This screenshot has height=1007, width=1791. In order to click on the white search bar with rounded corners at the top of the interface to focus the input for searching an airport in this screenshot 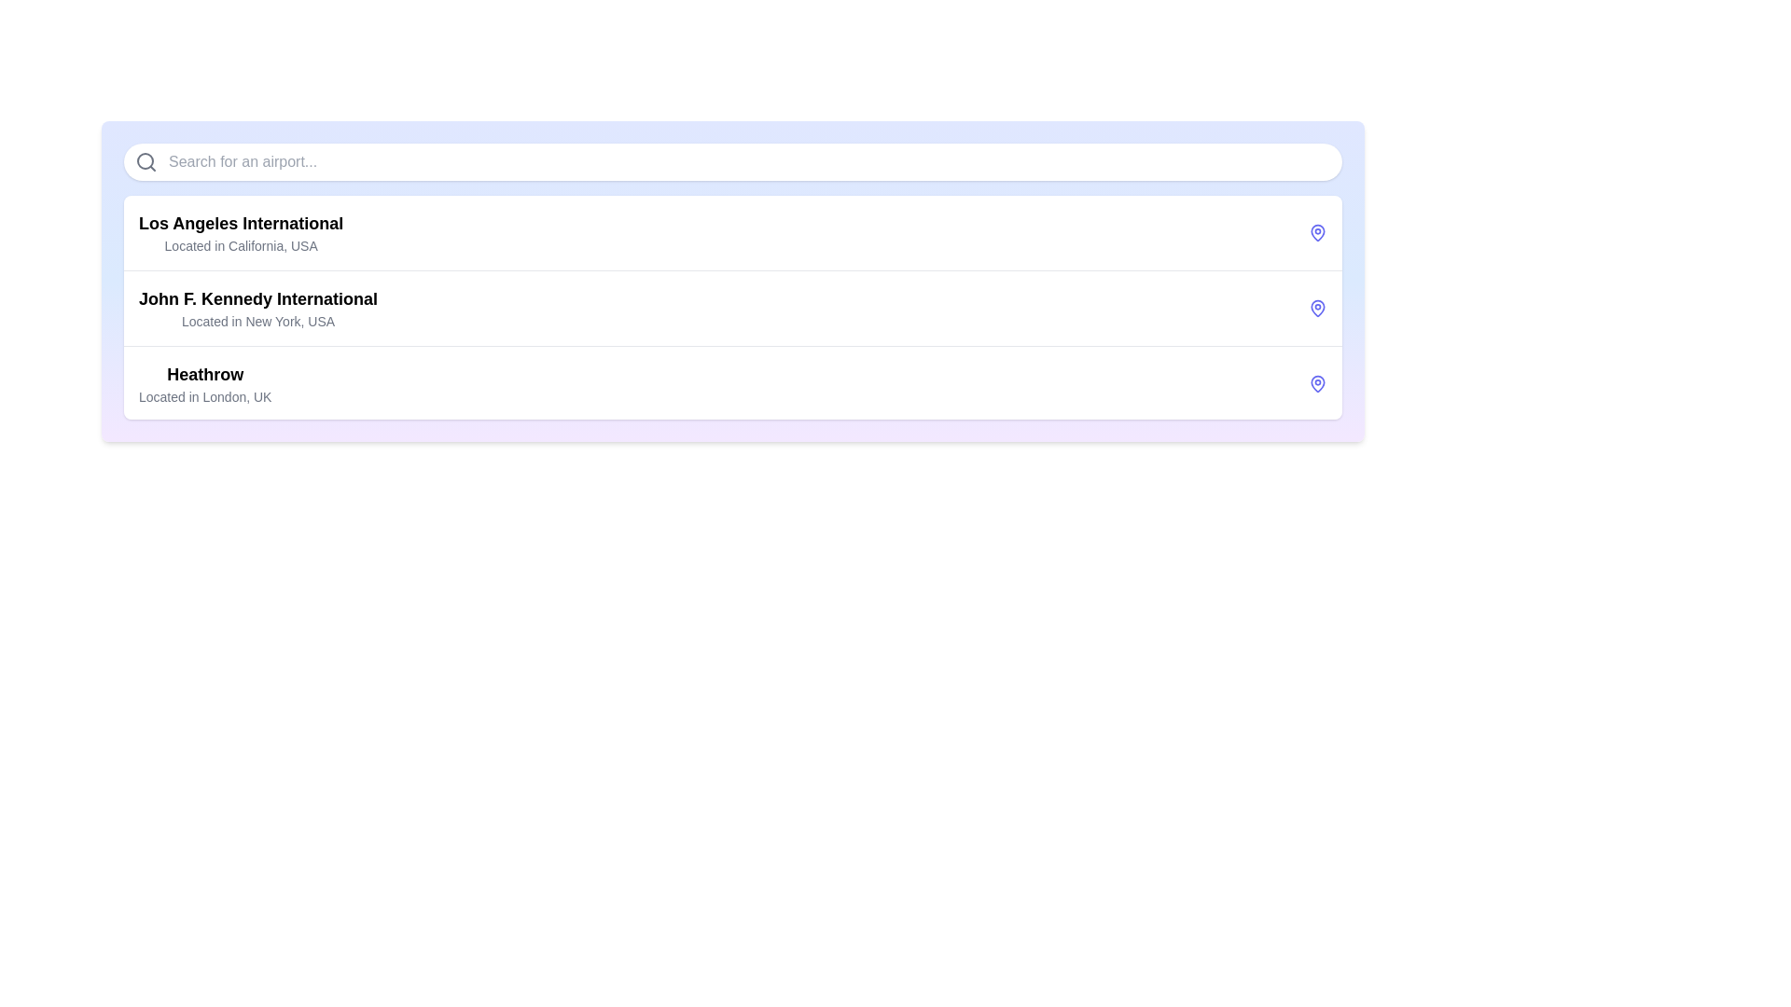, I will do `click(732, 160)`.